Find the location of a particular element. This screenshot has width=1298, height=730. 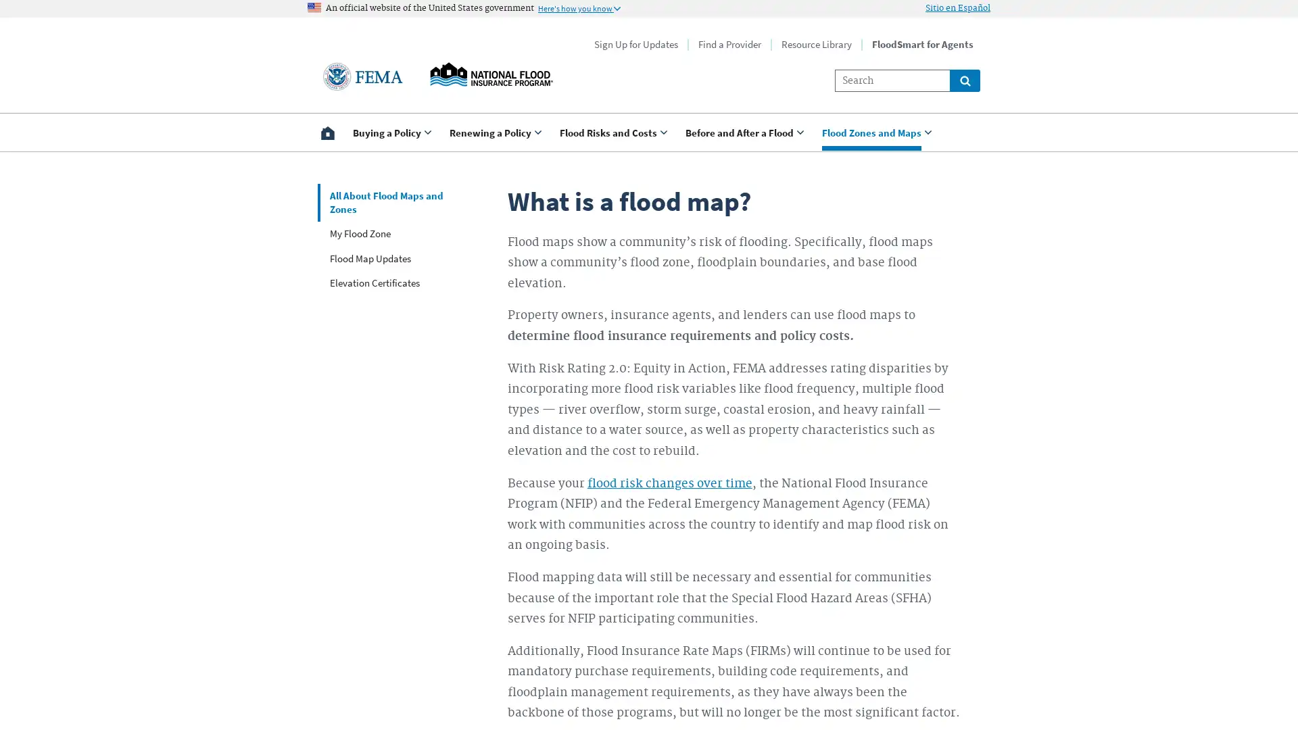

Information to identify secure official US Government websites is located at coordinates (579, 7).